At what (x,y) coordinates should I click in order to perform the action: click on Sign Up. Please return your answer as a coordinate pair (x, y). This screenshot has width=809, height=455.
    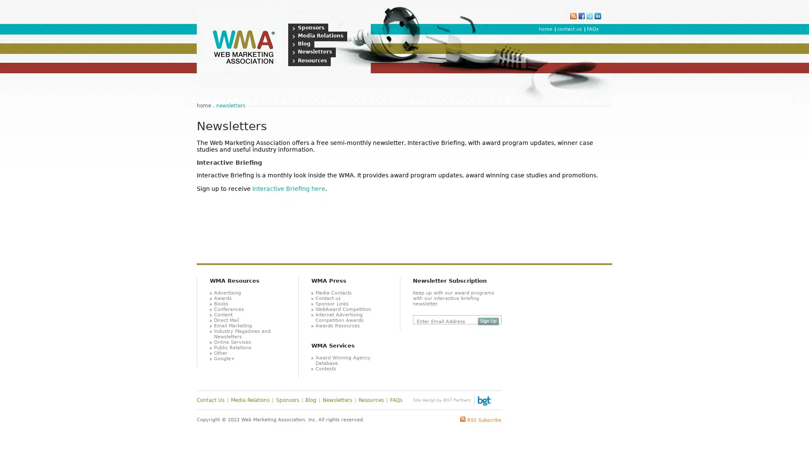
    Looking at the image, I should click on (488, 321).